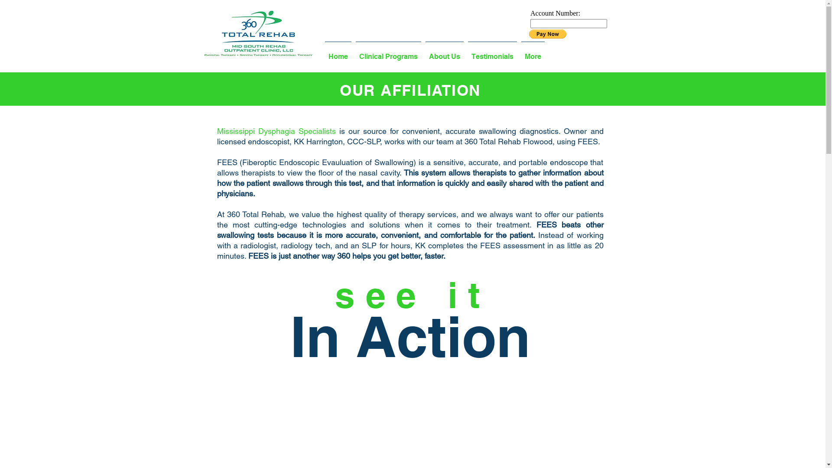  I want to click on 'Home', so click(337, 52).